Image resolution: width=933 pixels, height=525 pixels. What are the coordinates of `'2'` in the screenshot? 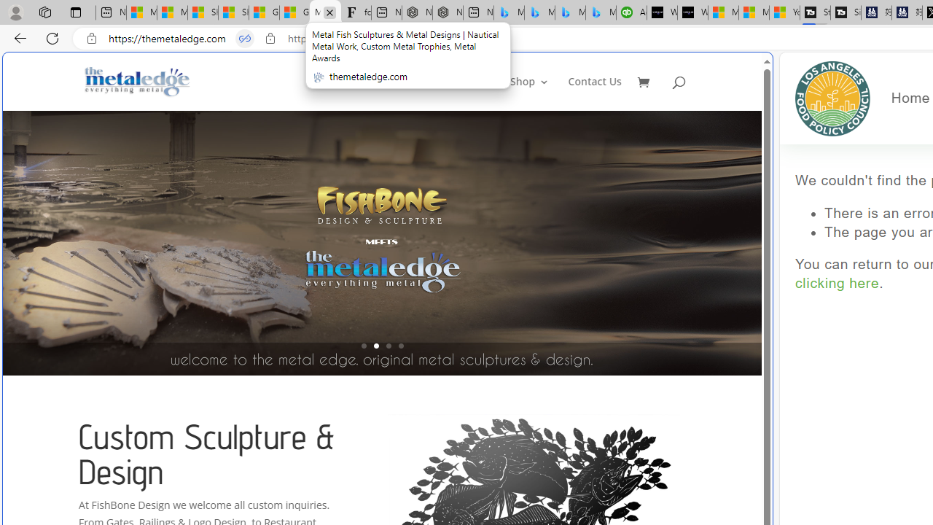 It's located at (375, 346).